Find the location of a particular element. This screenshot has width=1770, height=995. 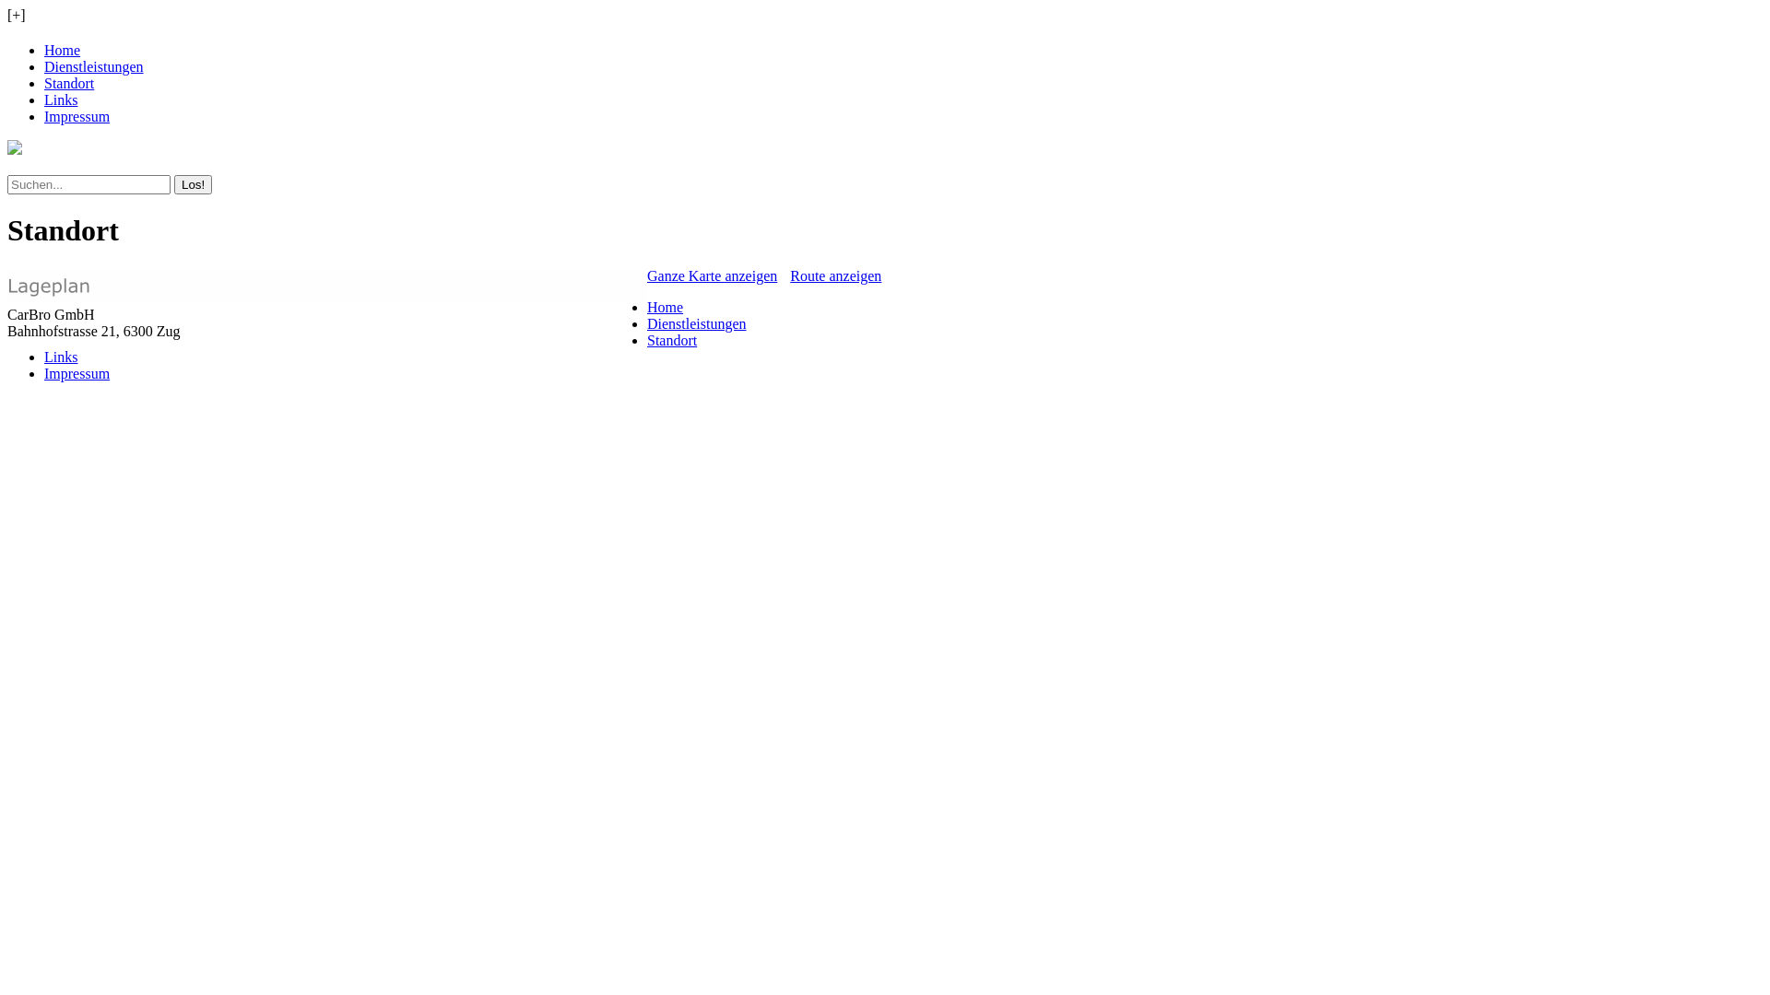

'Los!' is located at coordinates (193, 184).